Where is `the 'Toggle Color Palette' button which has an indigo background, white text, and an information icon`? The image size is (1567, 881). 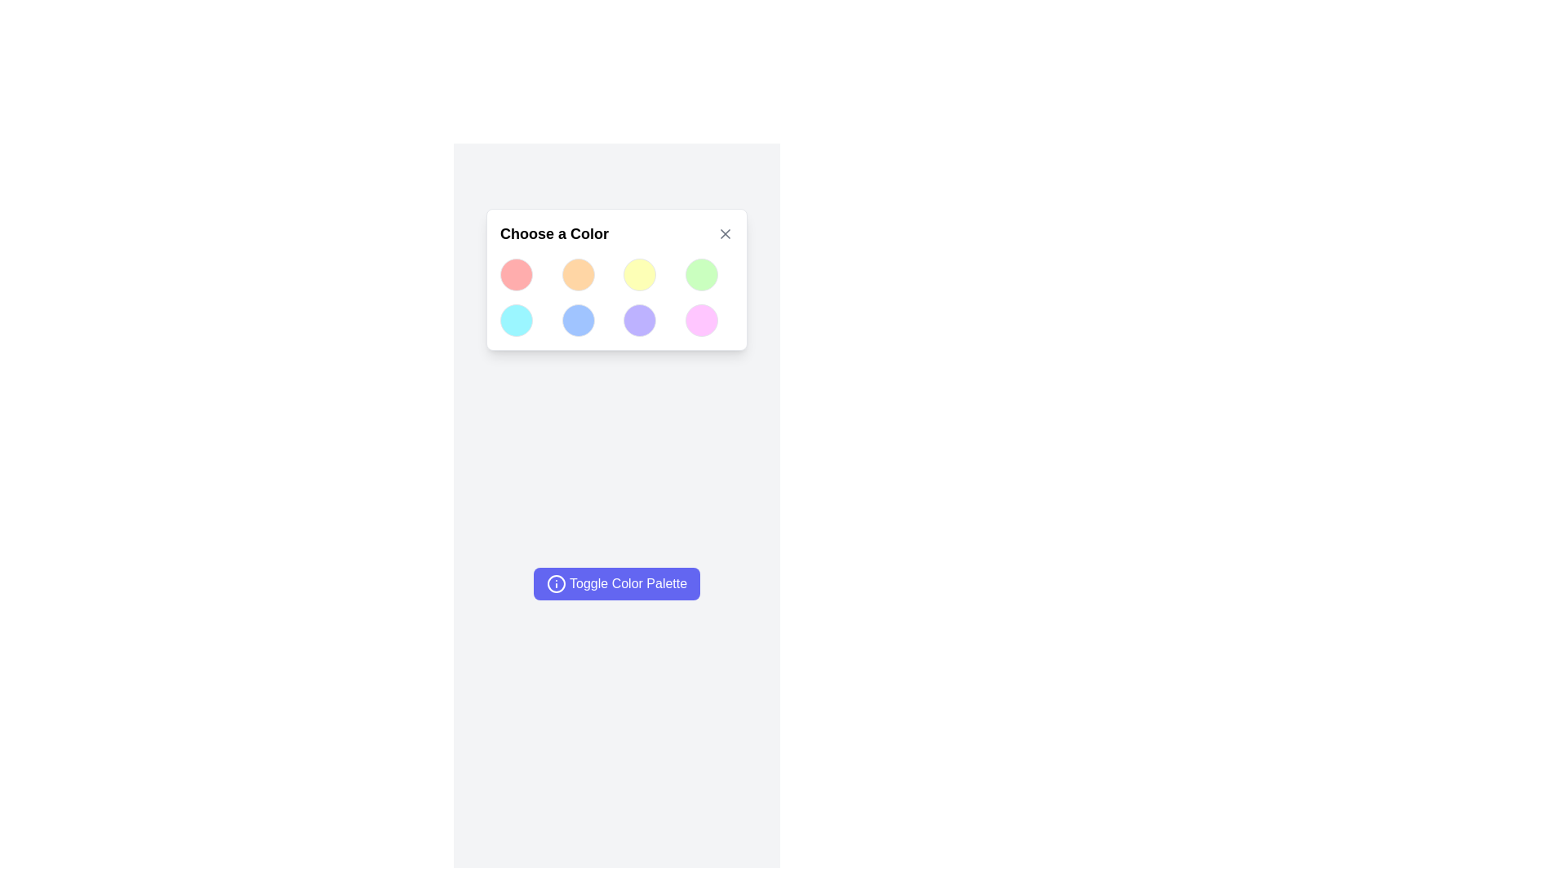
the 'Toggle Color Palette' button which has an indigo background, white text, and an information icon is located at coordinates (615, 582).